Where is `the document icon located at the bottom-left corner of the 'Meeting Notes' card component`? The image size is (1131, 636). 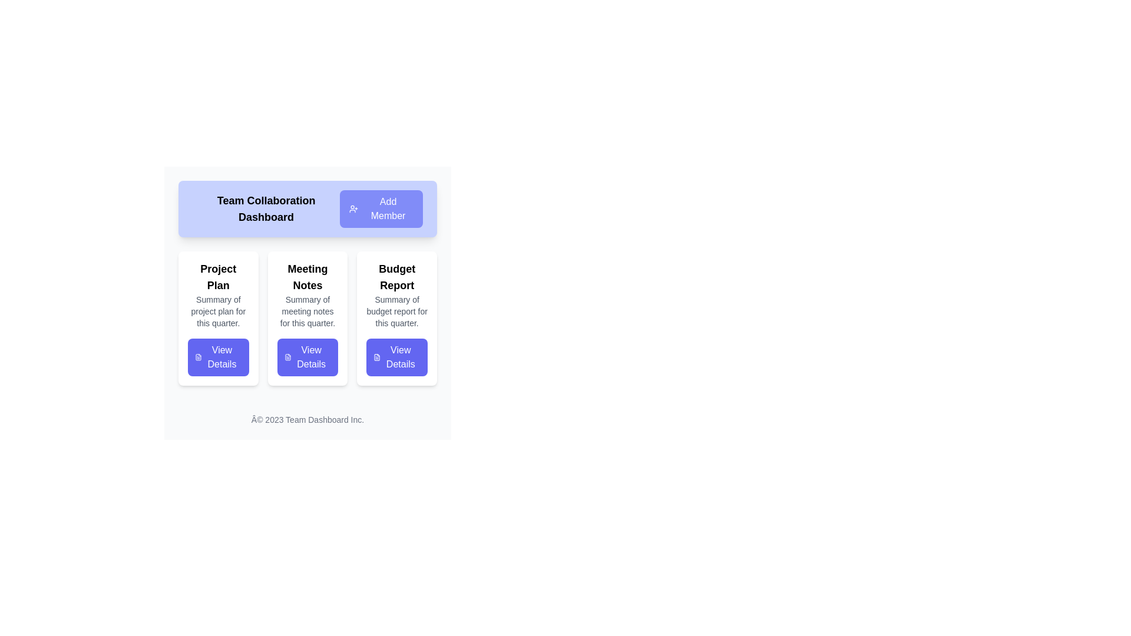
the document icon located at the bottom-left corner of the 'Meeting Notes' card component is located at coordinates (287, 356).